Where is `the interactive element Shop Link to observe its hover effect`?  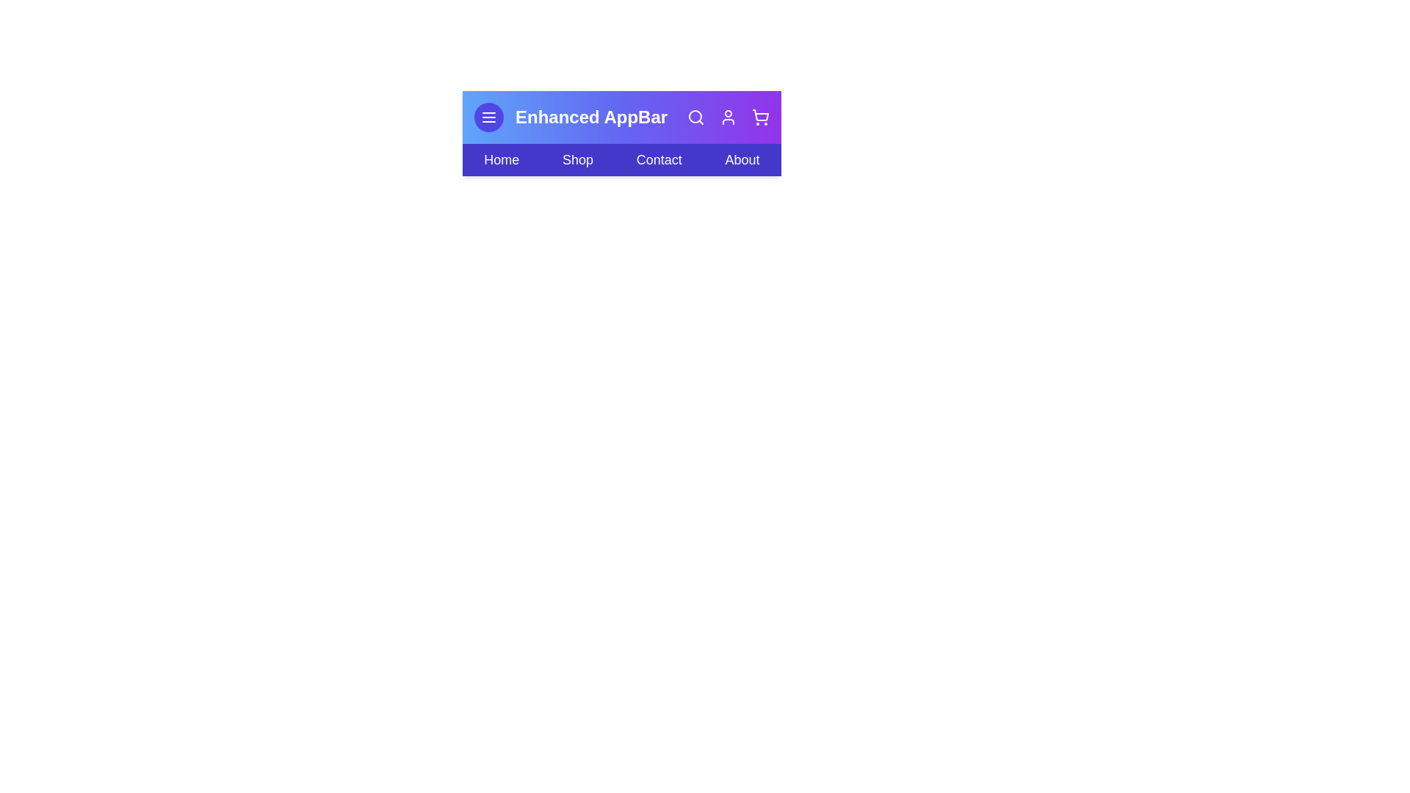
the interactive element Shop Link to observe its hover effect is located at coordinates (577, 160).